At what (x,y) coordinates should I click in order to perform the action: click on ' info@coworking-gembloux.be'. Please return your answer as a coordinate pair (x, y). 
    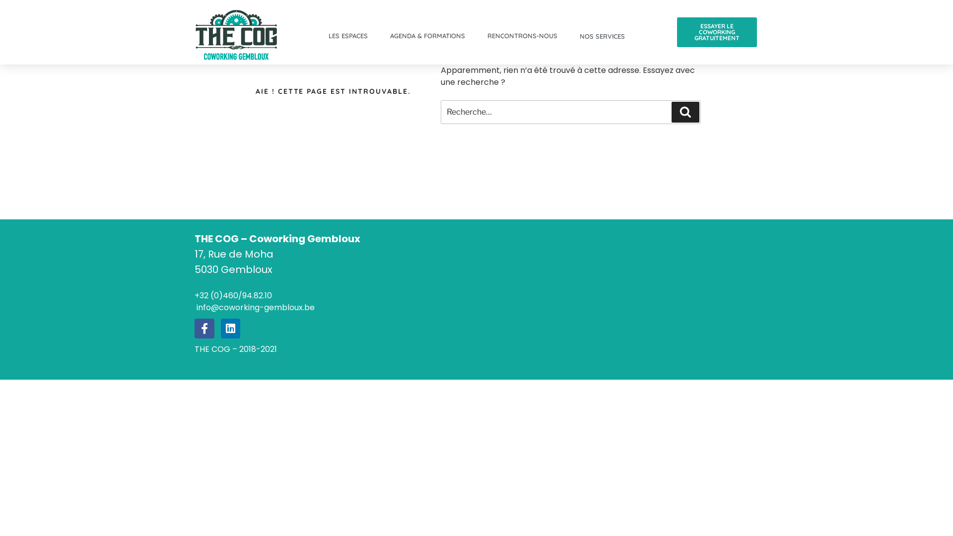
    Looking at the image, I should click on (255, 307).